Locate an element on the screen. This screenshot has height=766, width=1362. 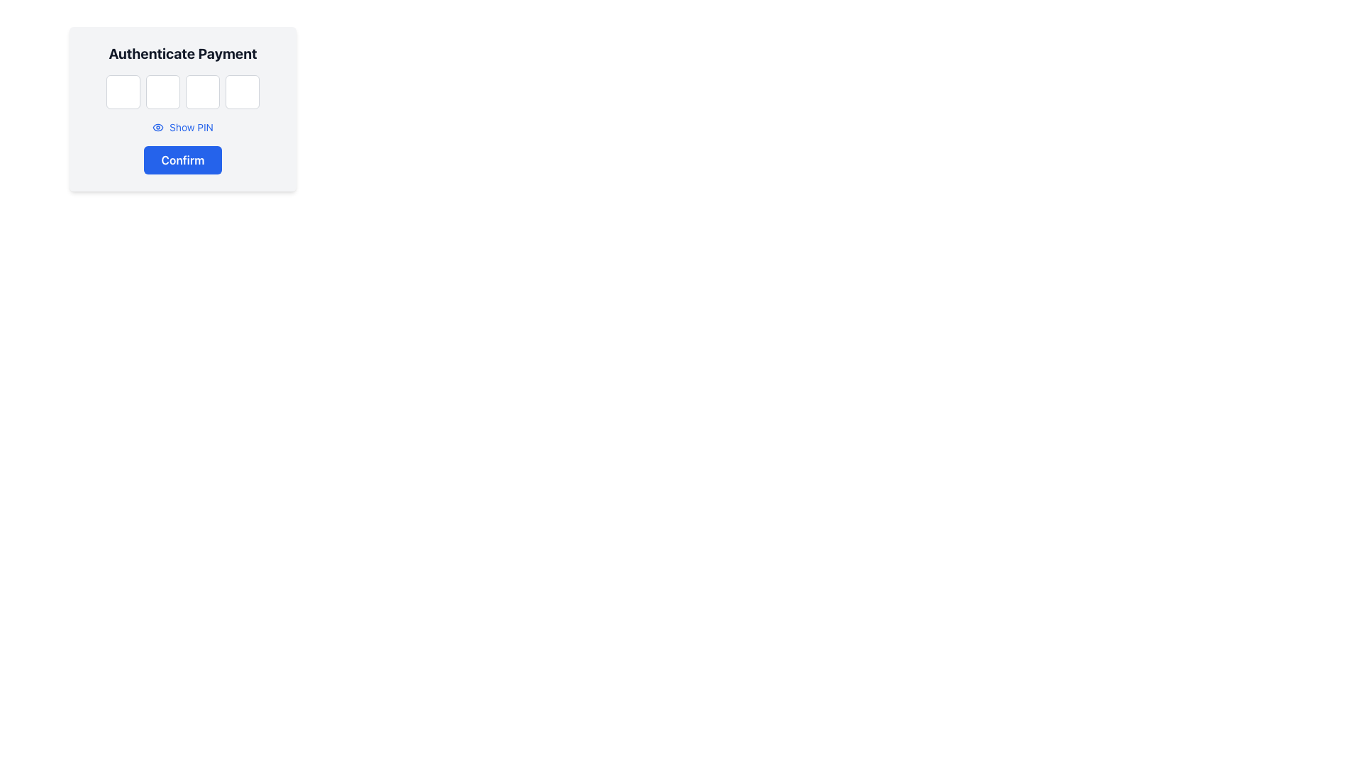
the 'Show PIN' interactive button that consists of a blue text label and an eye icon, positioned below the PIN input fields and above the 'Confirm' button is located at coordinates (182, 128).